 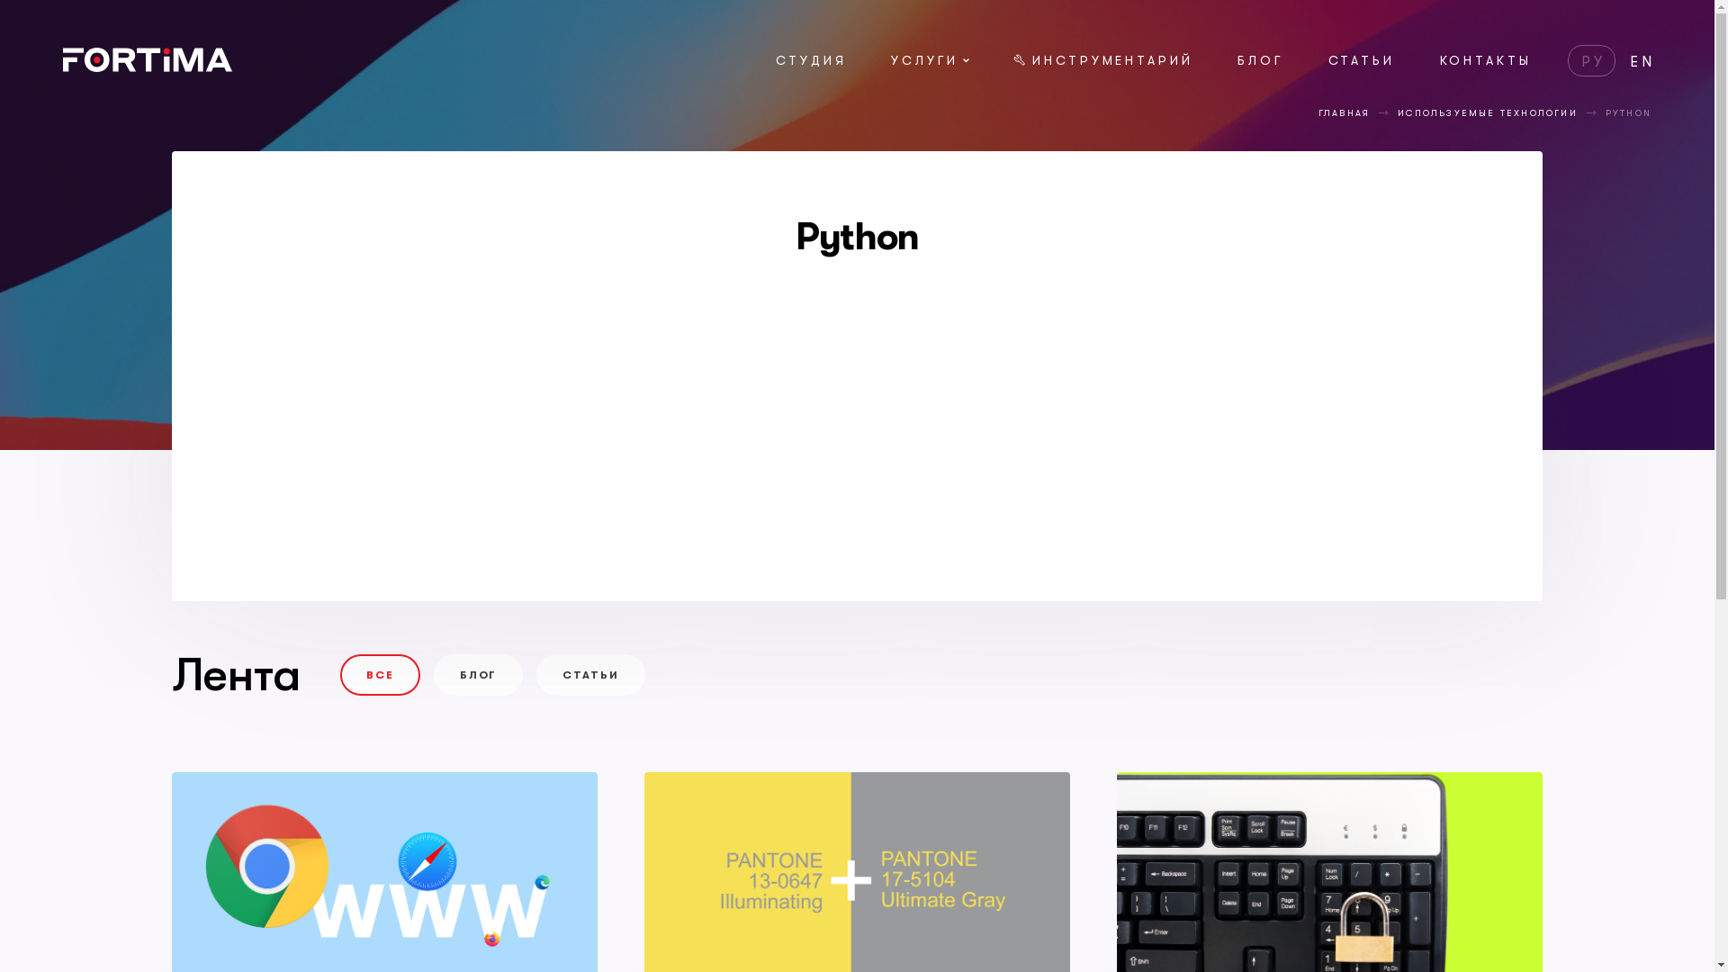 I want to click on 'Fortima.by', so click(x=63, y=65).